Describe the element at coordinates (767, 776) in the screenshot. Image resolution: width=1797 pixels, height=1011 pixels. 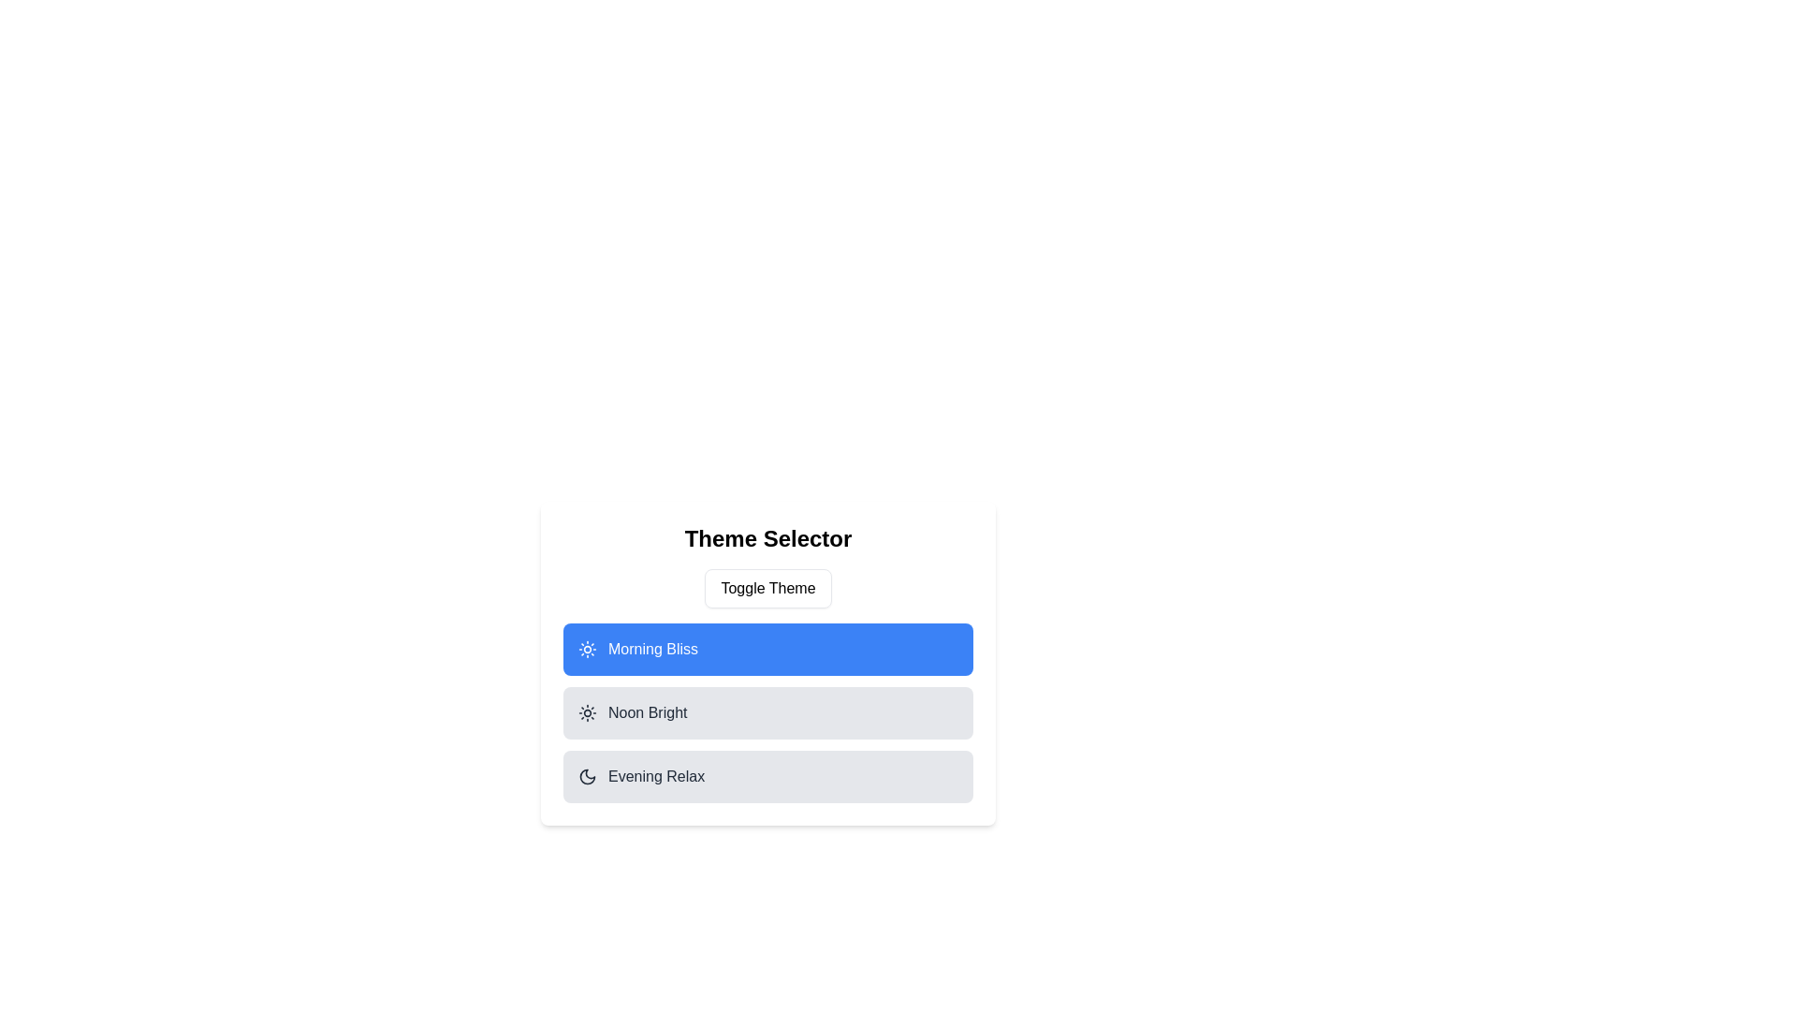
I see `the item Evening Relax from the list` at that location.